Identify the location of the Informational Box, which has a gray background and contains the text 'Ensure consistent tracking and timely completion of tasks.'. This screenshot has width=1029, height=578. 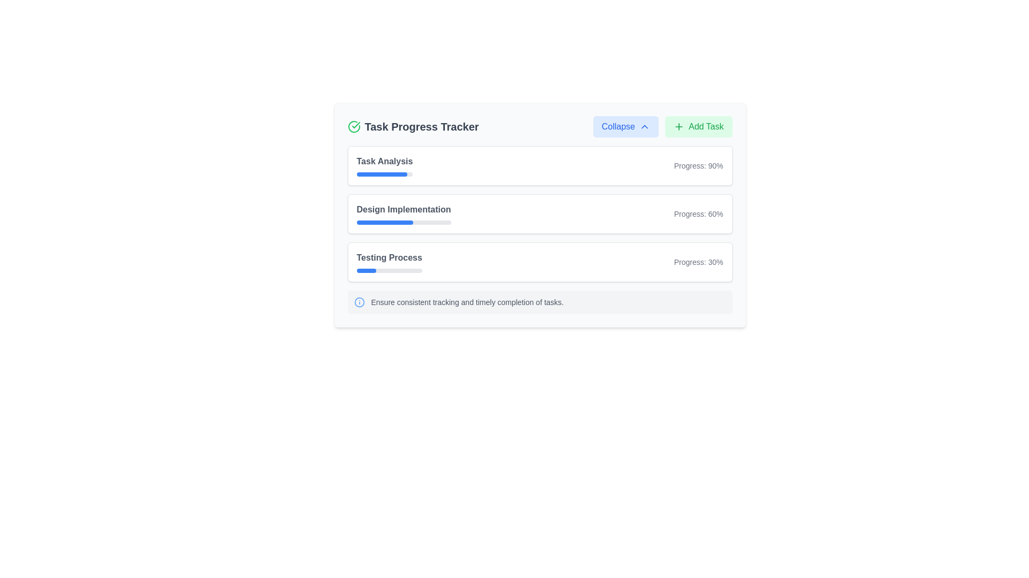
(540, 302).